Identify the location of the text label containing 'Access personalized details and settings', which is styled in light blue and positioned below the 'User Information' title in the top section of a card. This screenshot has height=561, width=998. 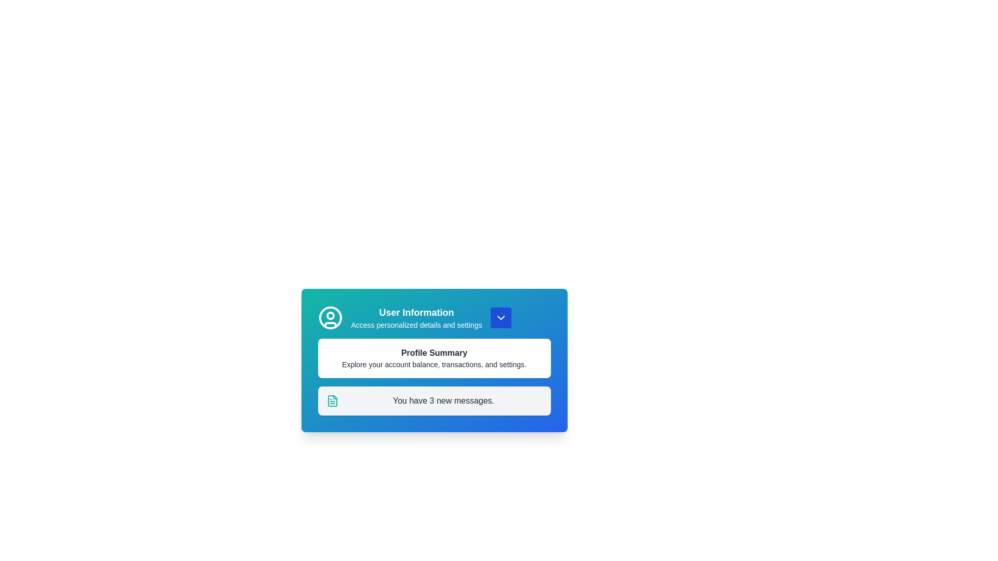
(416, 324).